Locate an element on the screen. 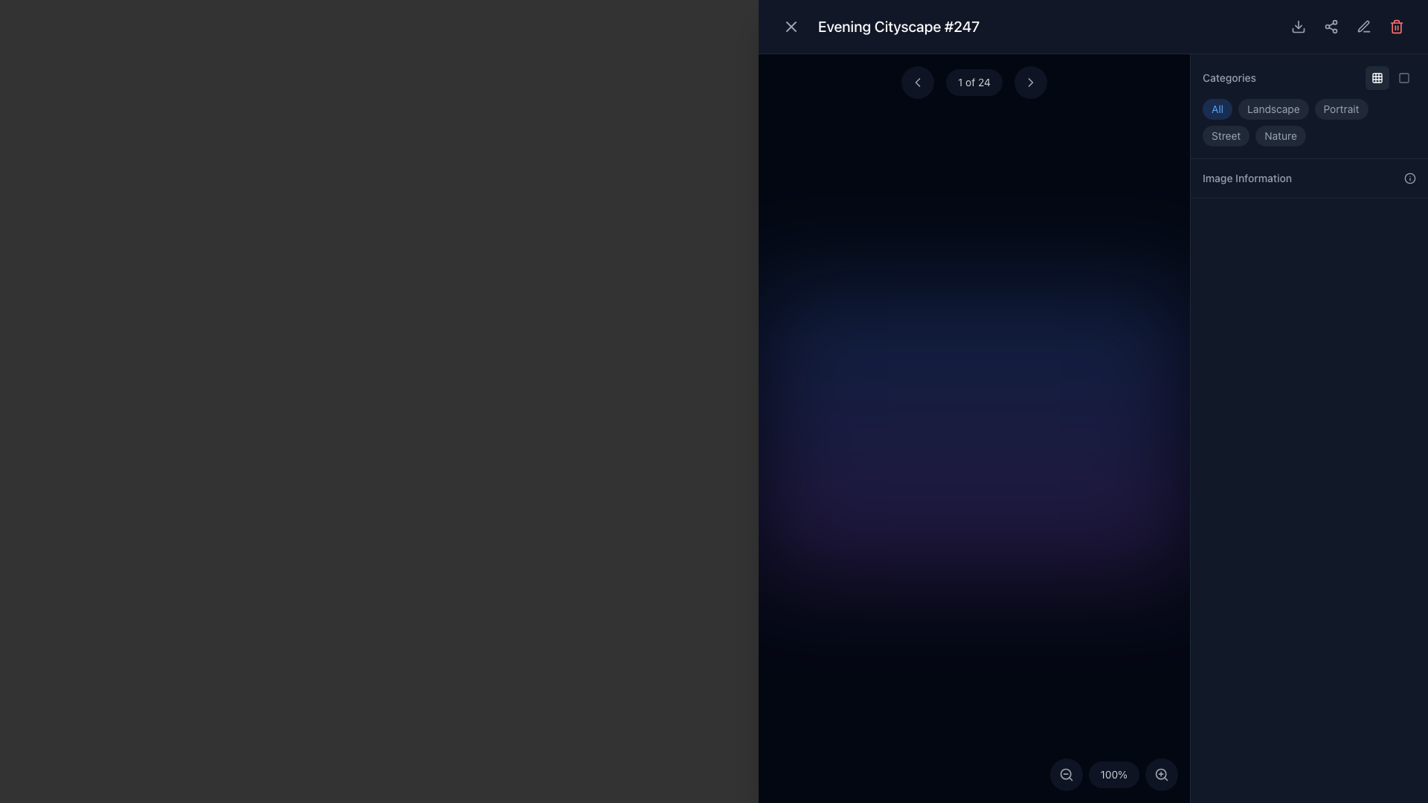 This screenshot has height=803, width=1428. the 'Nature' category button located at the top-right section of the interface is located at coordinates (1280, 135).